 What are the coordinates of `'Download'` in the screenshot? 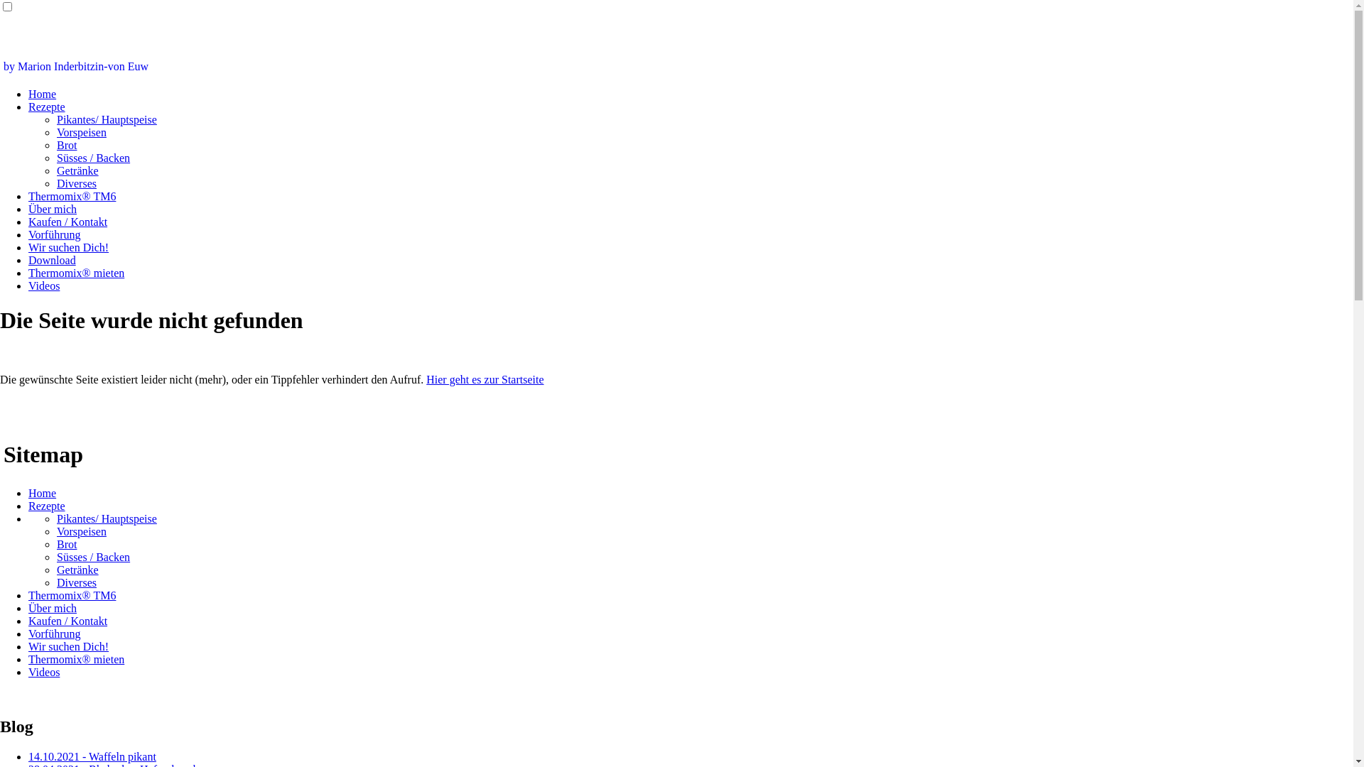 It's located at (52, 260).